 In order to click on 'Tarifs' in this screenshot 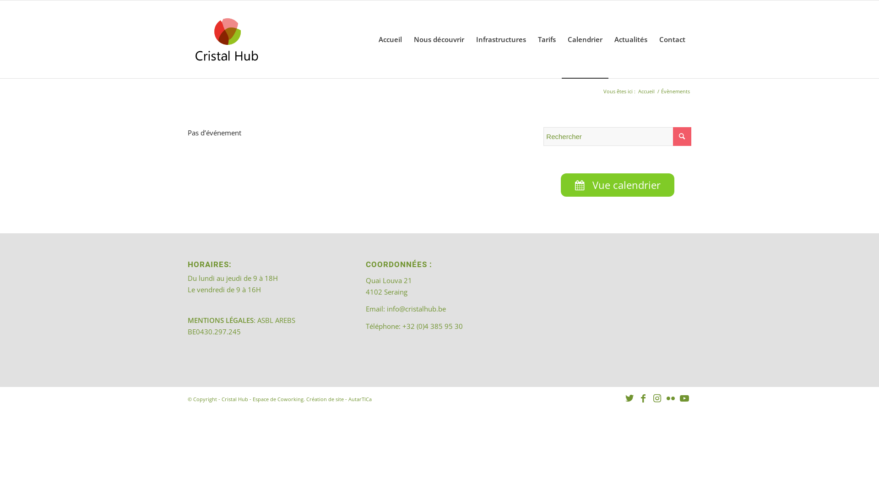, I will do `click(547, 38)`.